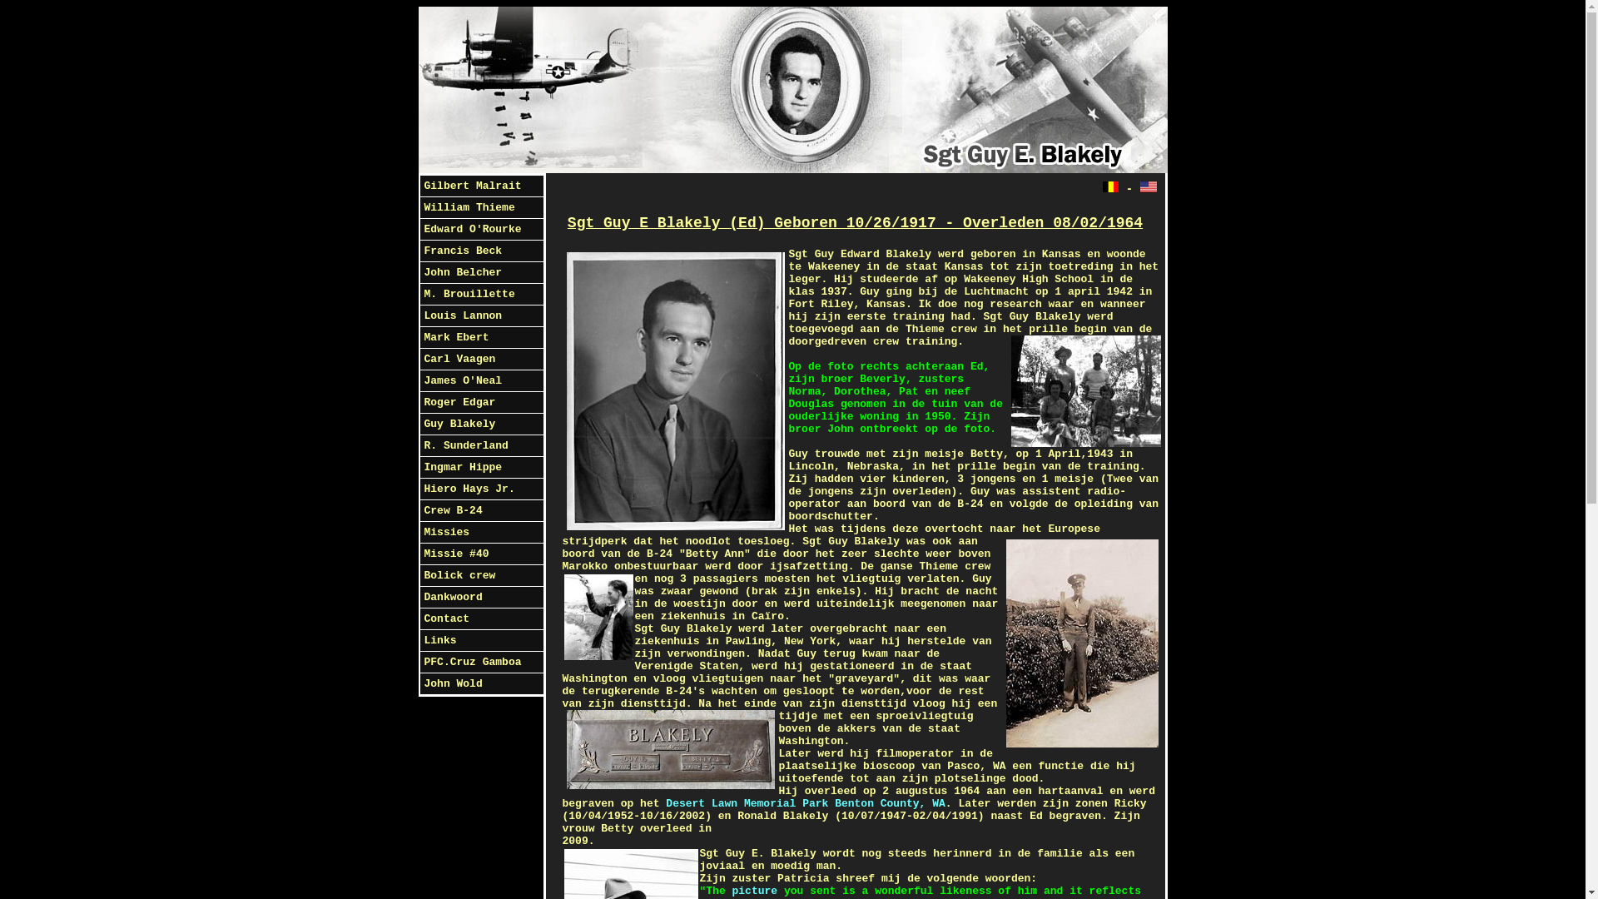  I want to click on 'James O'Neal', so click(479, 381).